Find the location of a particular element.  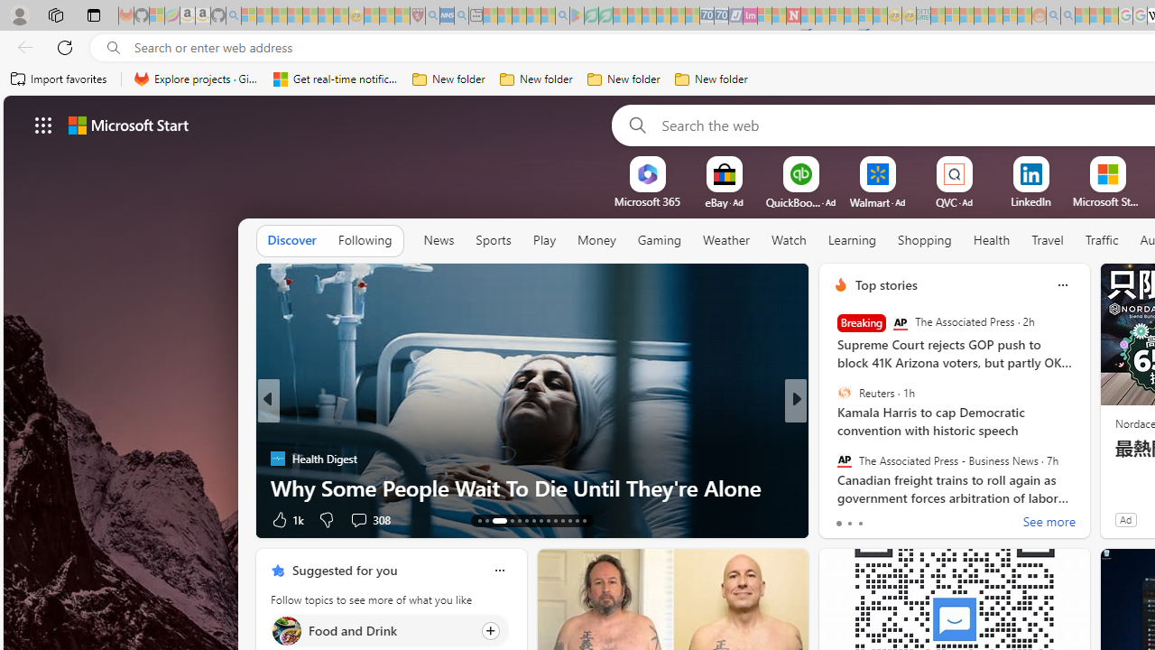

'Play' is located at coordinates (542, 239).